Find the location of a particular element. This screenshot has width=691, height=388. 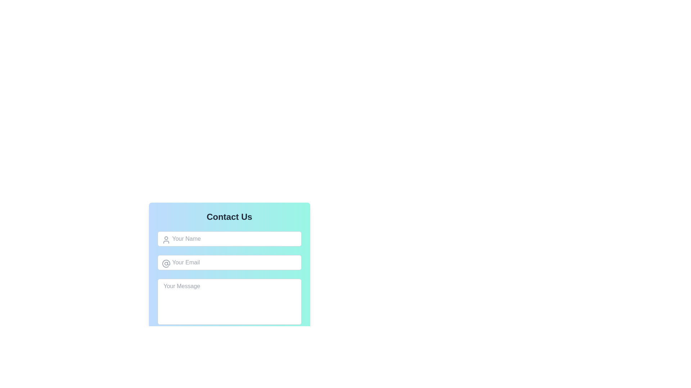

the text input field for 'Your Email' in the 'Contact Us' form by performing a tab action is located at coordinates (229, 263).